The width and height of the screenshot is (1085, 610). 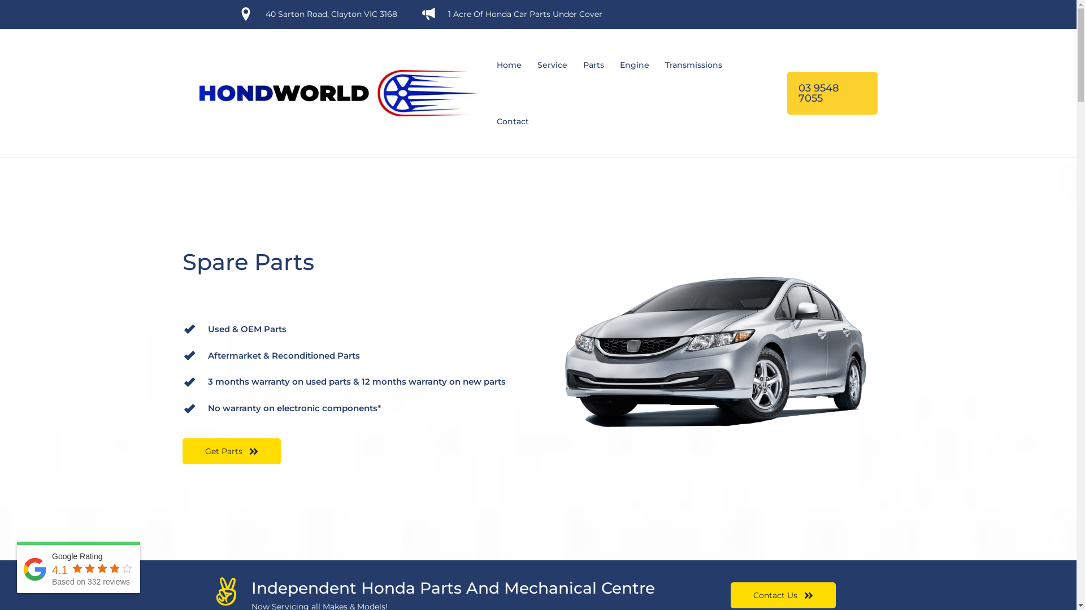 What do you see at coordinates (783, 594) in the screenshot?
I see `'Contact Us'` at bounding box center [783, 594].